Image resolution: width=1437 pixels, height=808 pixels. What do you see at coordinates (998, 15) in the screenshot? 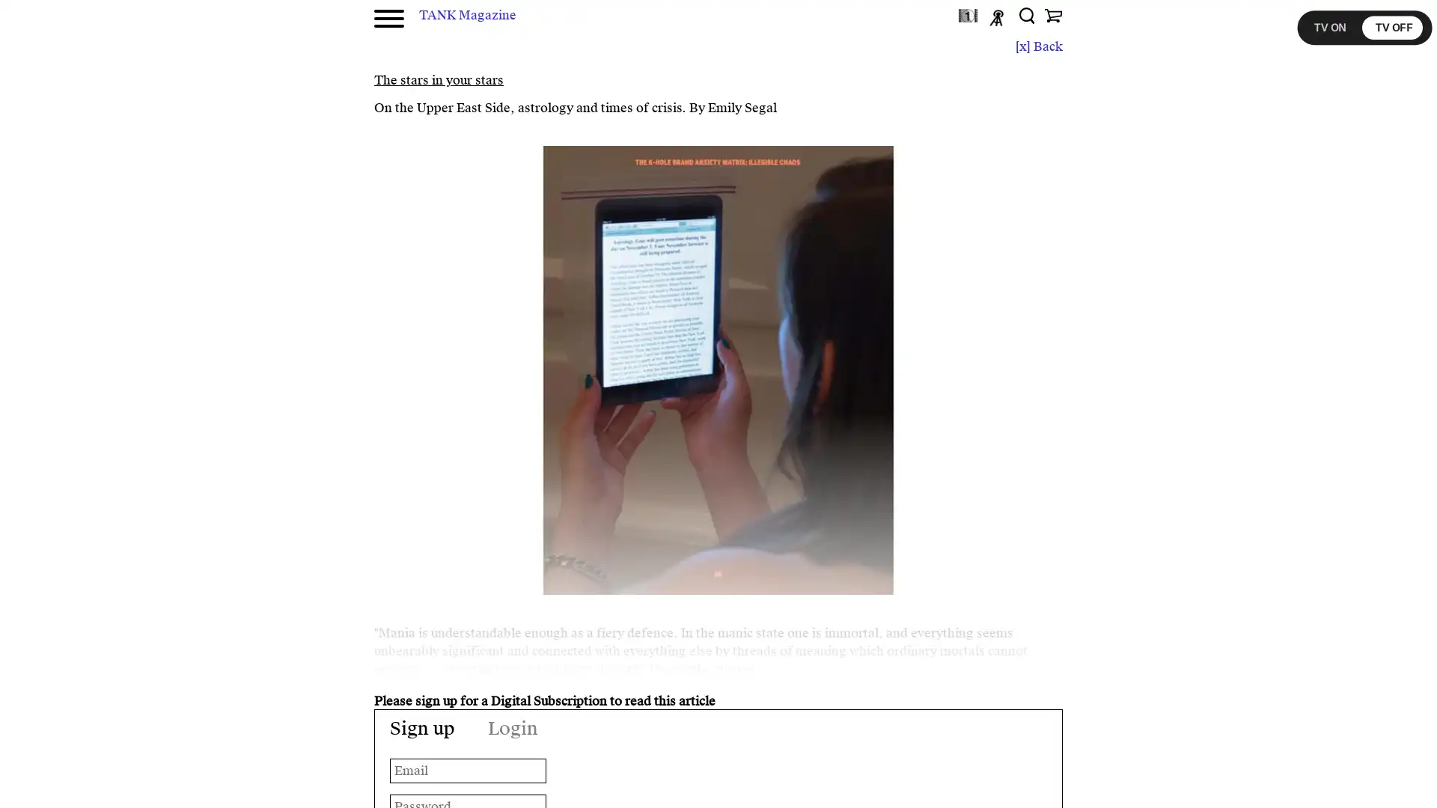
I see `Podcast` at bounding box center [998, 15].